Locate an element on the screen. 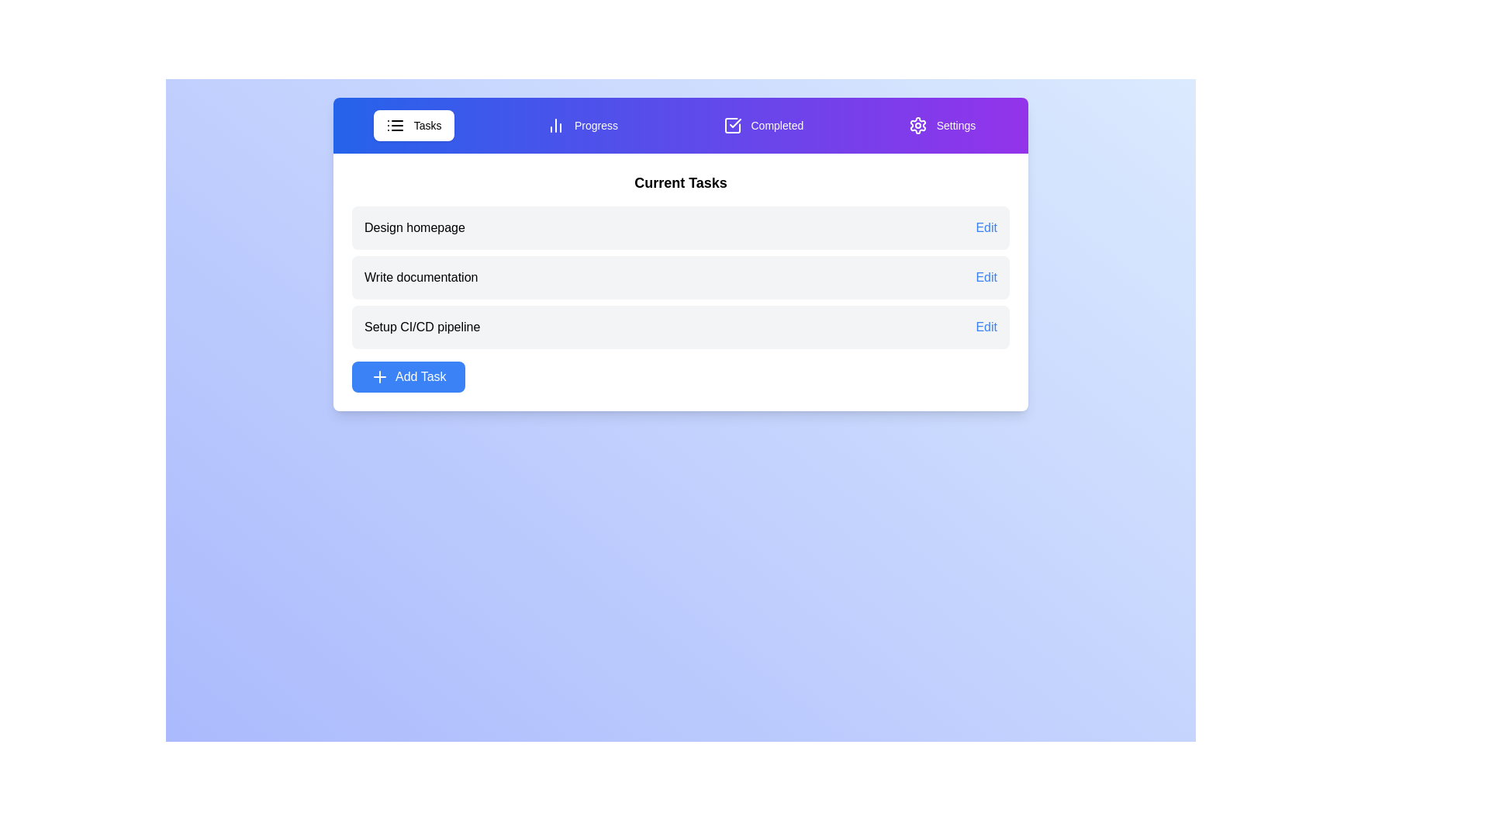 This screenshot has height=838, width=1489. the 'Design homepage' text label is located at coordinates (414, 227).